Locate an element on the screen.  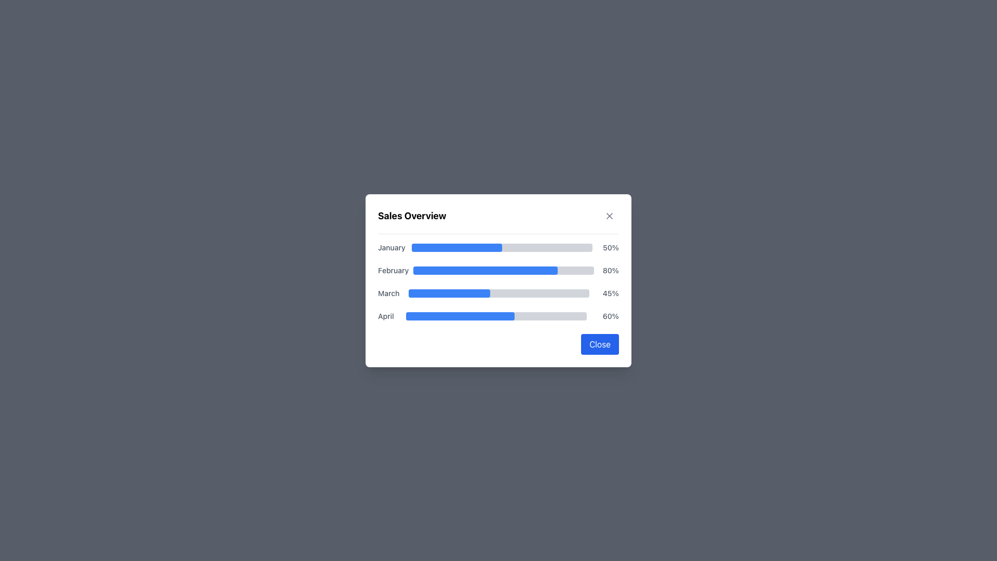
the 'X' icon button in the top-right corner of the 'Sales Overview' modal to observe any hover effects is located at coordinates (610, 215).